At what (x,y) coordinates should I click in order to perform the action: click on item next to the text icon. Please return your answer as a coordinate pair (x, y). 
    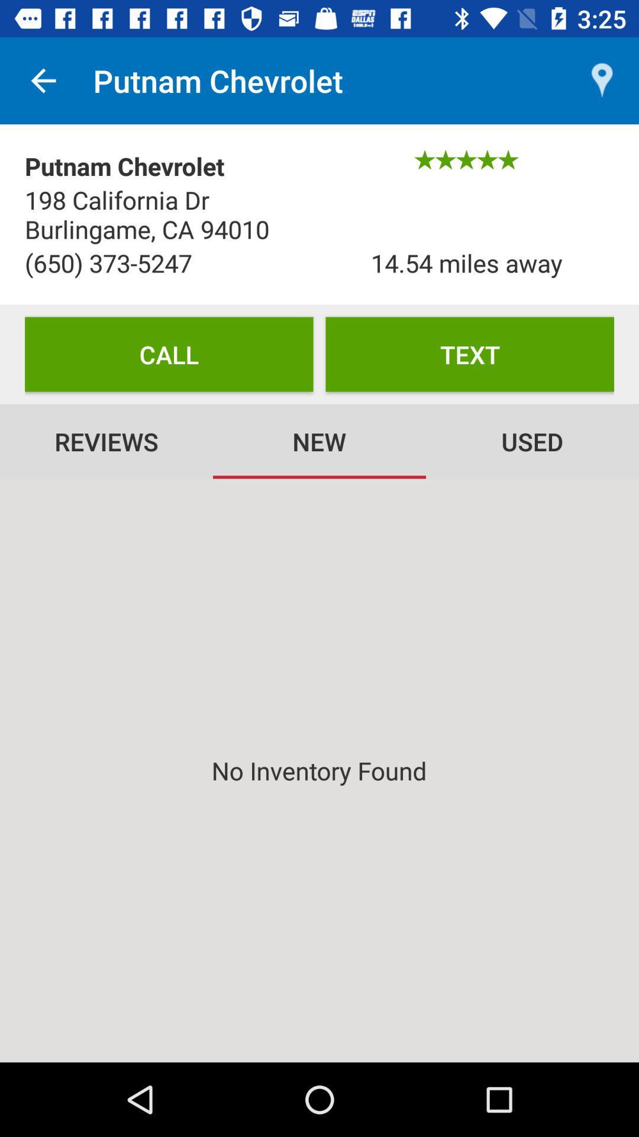
    Looking at the image, I should click on (169, 354).